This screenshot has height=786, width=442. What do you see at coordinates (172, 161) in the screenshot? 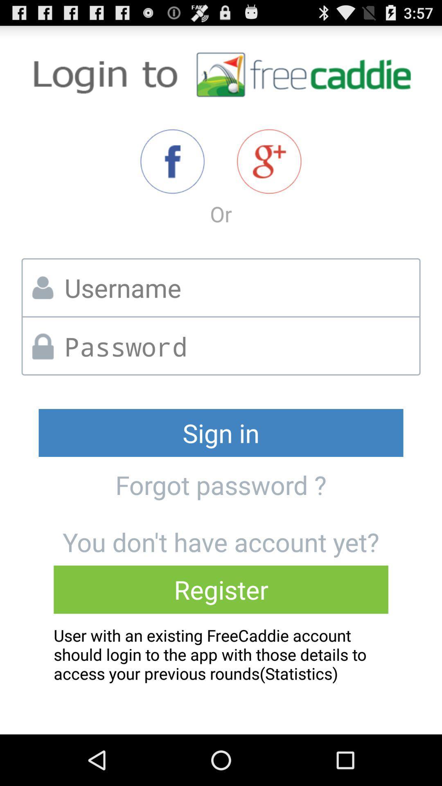
I see `facebook app` at bounding box center [172, 161].